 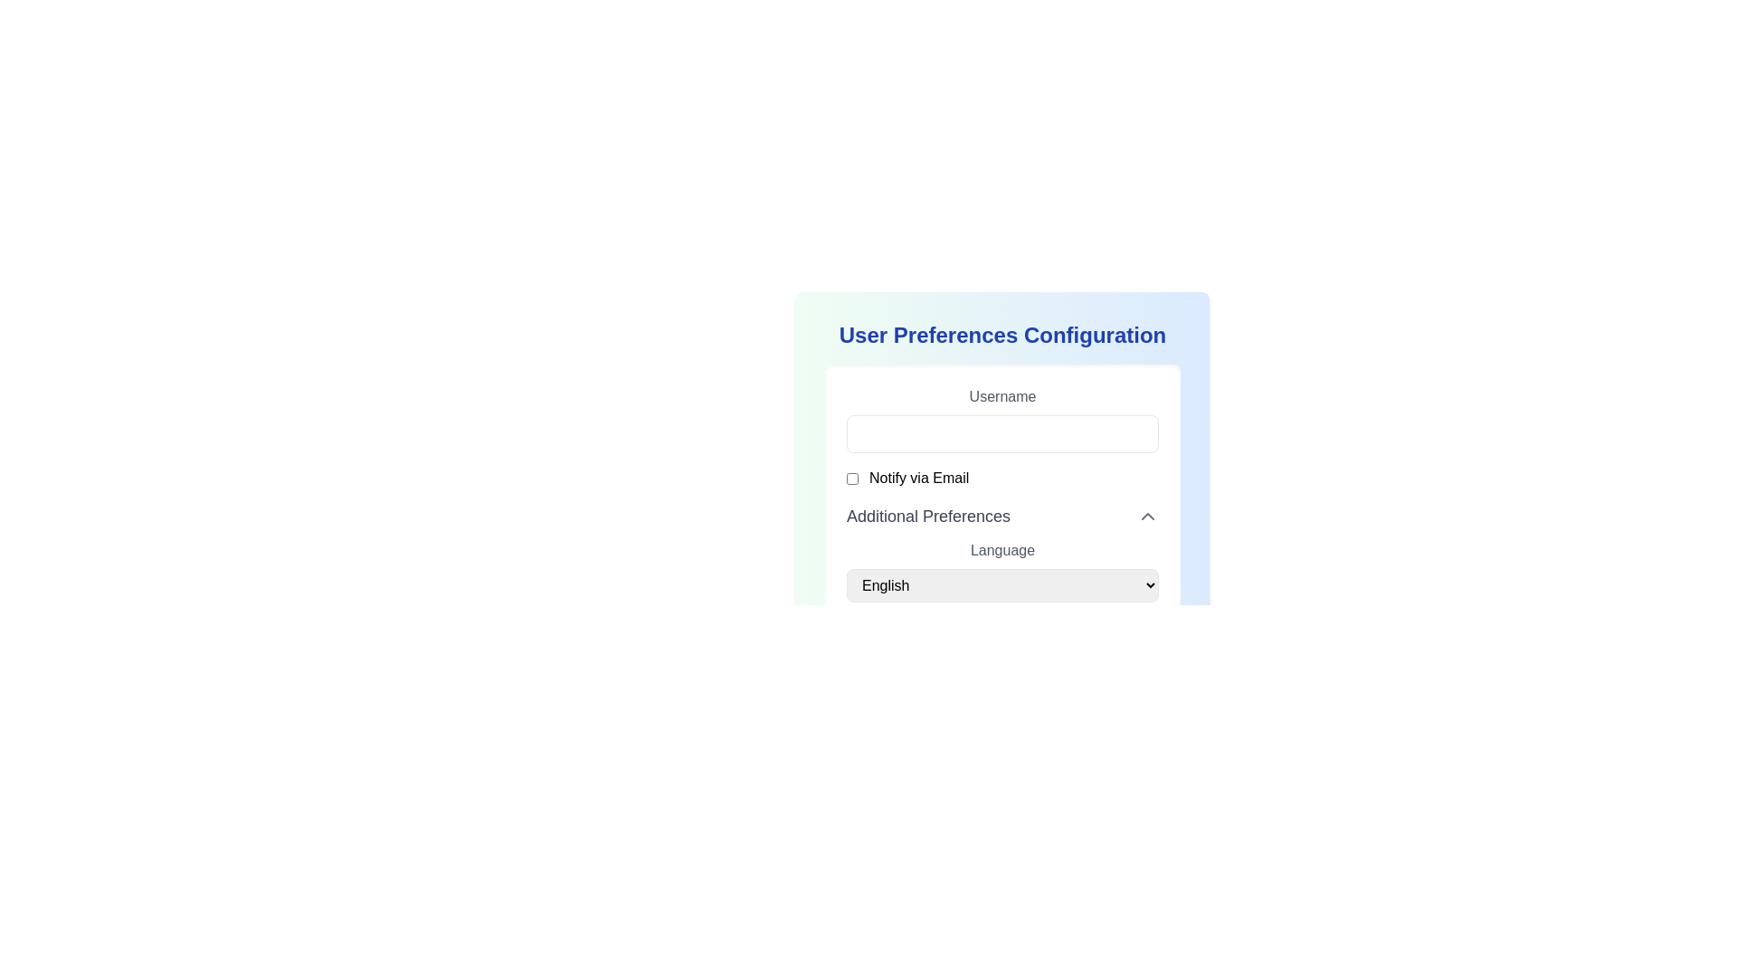 What do you see at coordinates (928, 516) in the screenshot?
I see `the Text label indicating 'Additional Preferences' located below the 'Notify via Email' checkbox label, which is visually aligned with a chevron-up icon on the right` at bounding box center [928, 516].